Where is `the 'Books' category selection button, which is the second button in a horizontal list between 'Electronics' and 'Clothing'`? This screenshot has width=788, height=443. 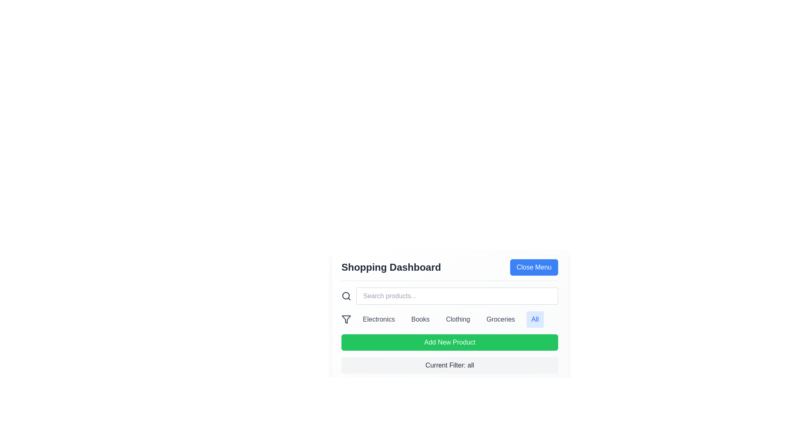 the 'Books' category selection button, which is the second button in a horizontal list between 'Electronics' and 'Clothing' is located at coordinates (420, 319).